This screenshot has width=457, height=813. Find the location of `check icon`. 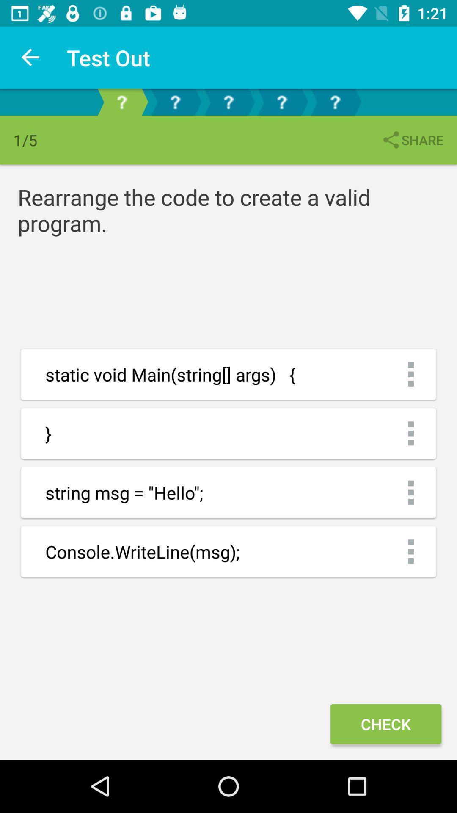

check icon is located at coordinates (385, 723).